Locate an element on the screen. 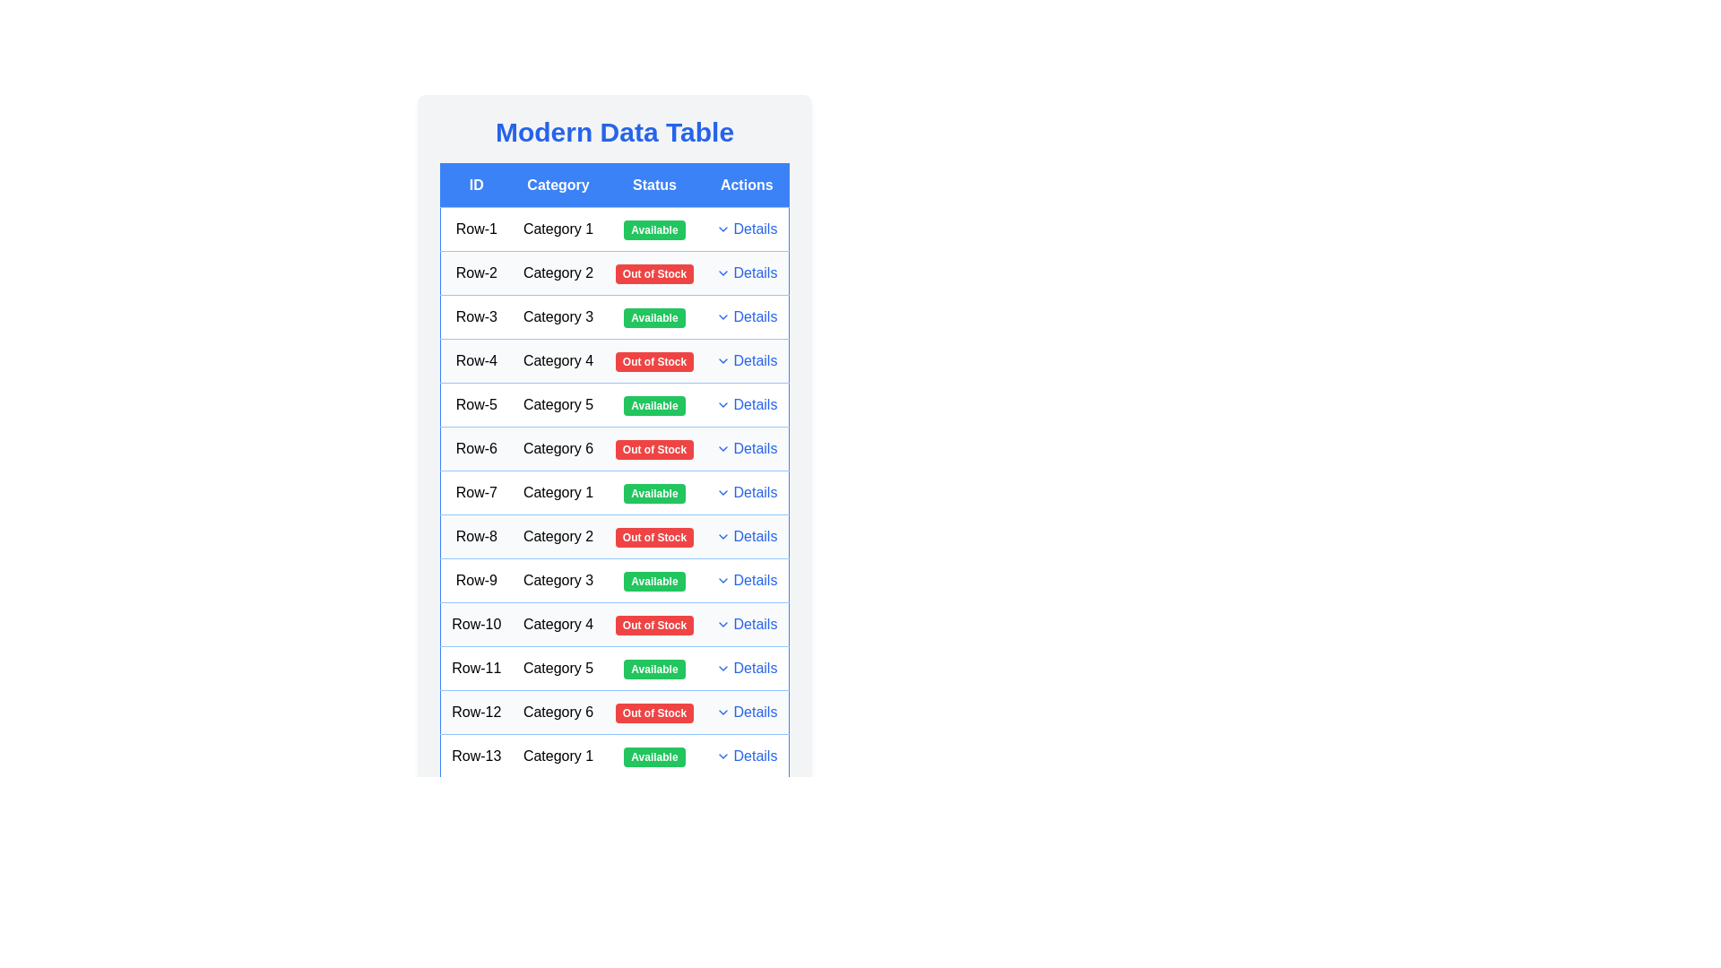  the table header ID to sort or filter the column is located at coordinates (476, 186).